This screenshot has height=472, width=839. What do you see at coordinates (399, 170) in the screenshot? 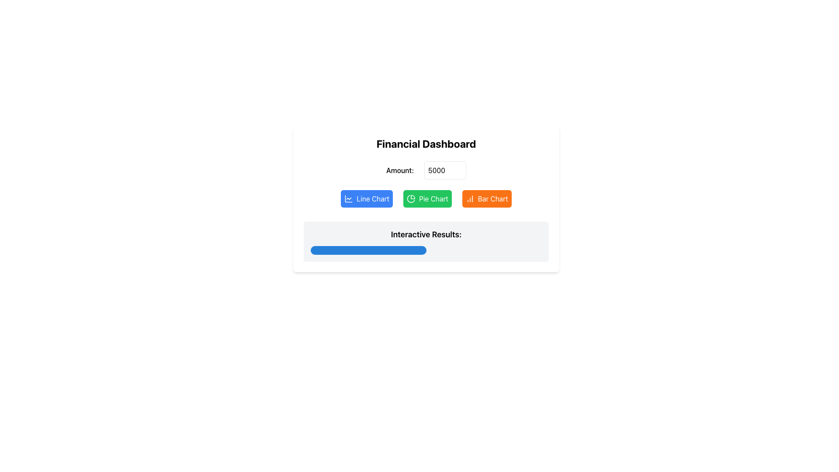
I see `the label element displaying 'Amount:' which is styled with medium font weight and is located on the left side of the input box containing the value '5000'` at bounding box center [399, 170].